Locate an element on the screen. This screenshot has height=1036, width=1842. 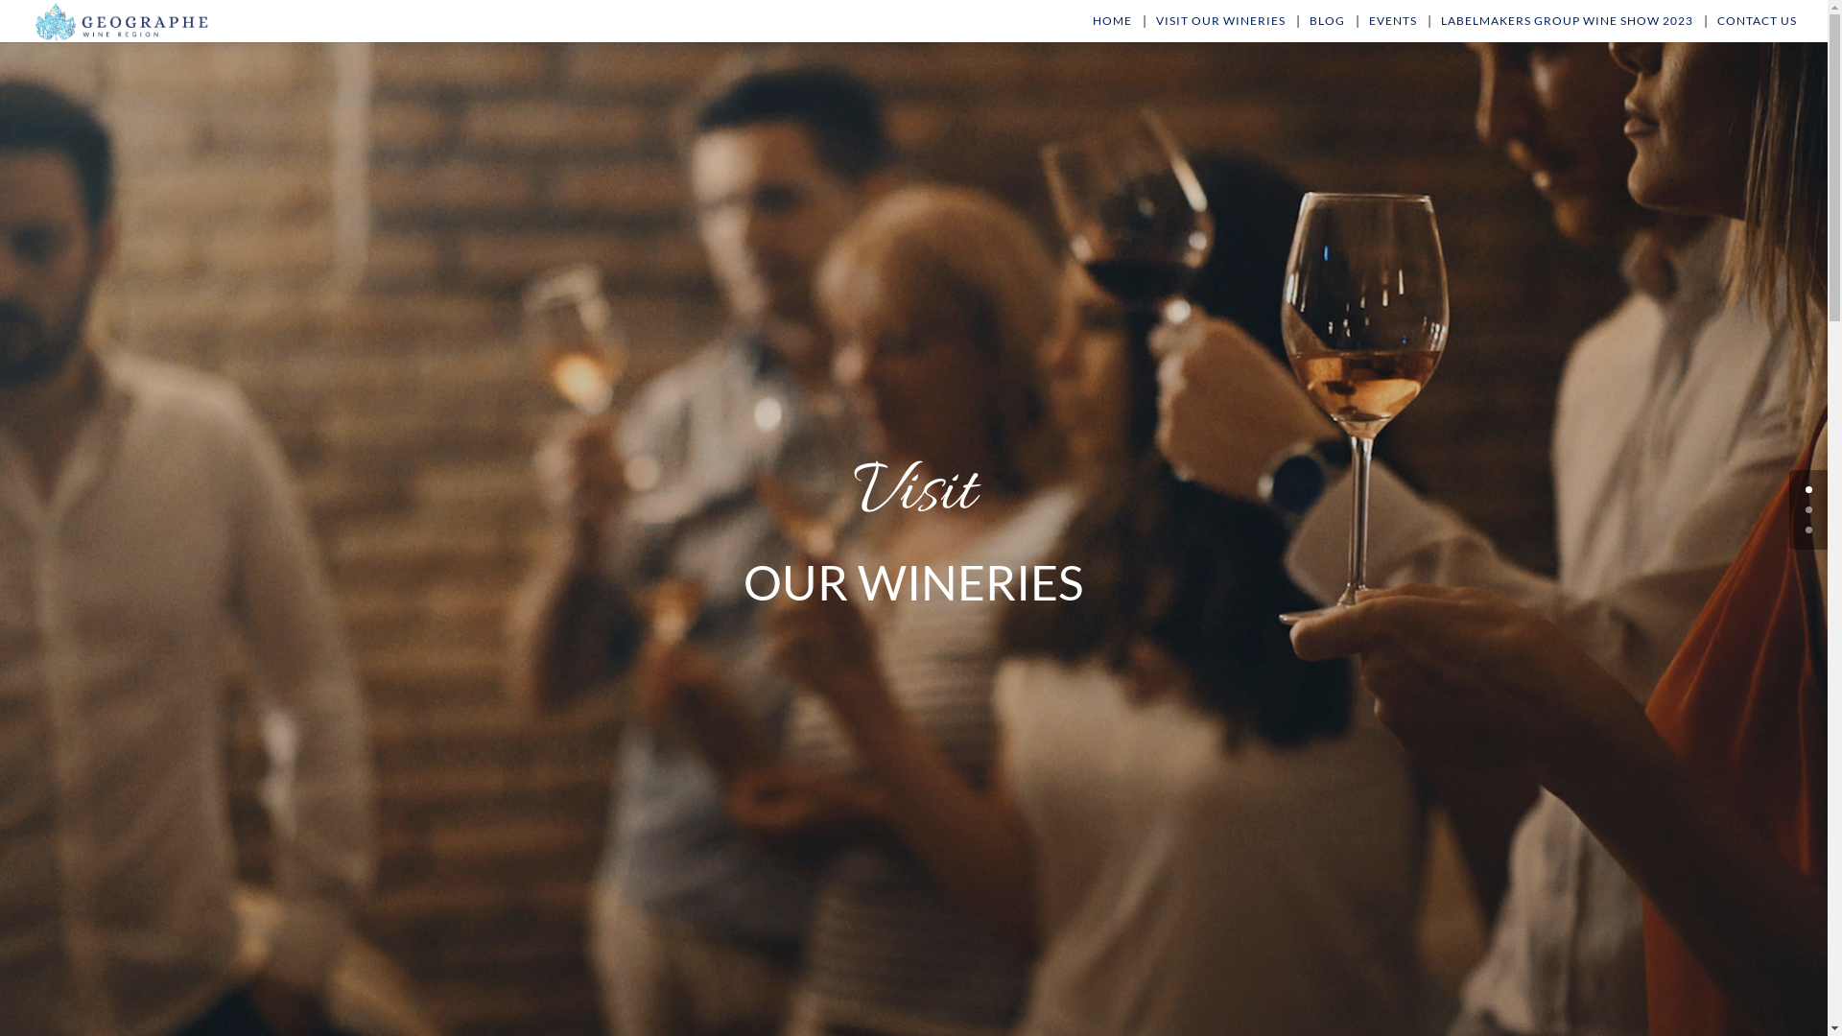
'CONTACT US' is located at coordinates (1757, 28).